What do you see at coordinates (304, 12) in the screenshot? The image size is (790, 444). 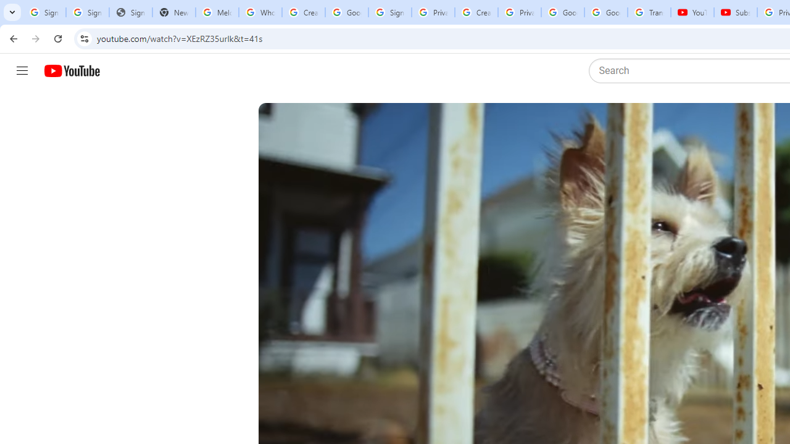 I see `'Create your Google Account'` at bounding box center [304, 12].